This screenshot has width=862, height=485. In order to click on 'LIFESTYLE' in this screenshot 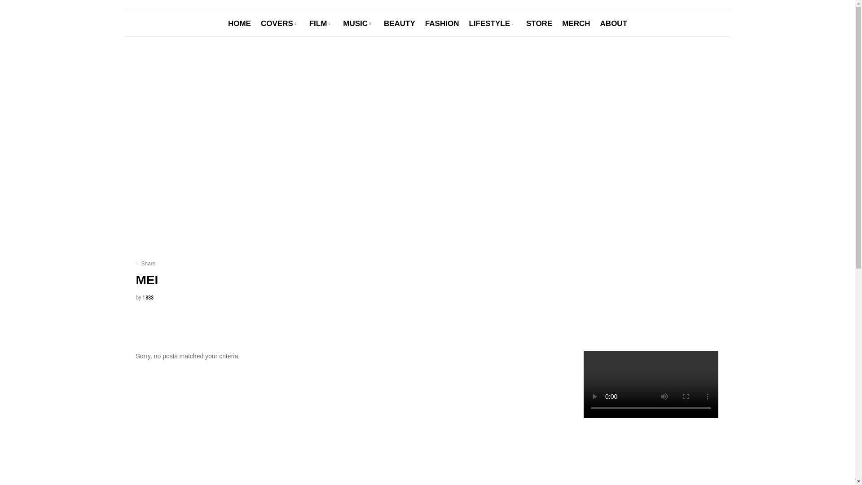, I will do `click(492, 22)`.